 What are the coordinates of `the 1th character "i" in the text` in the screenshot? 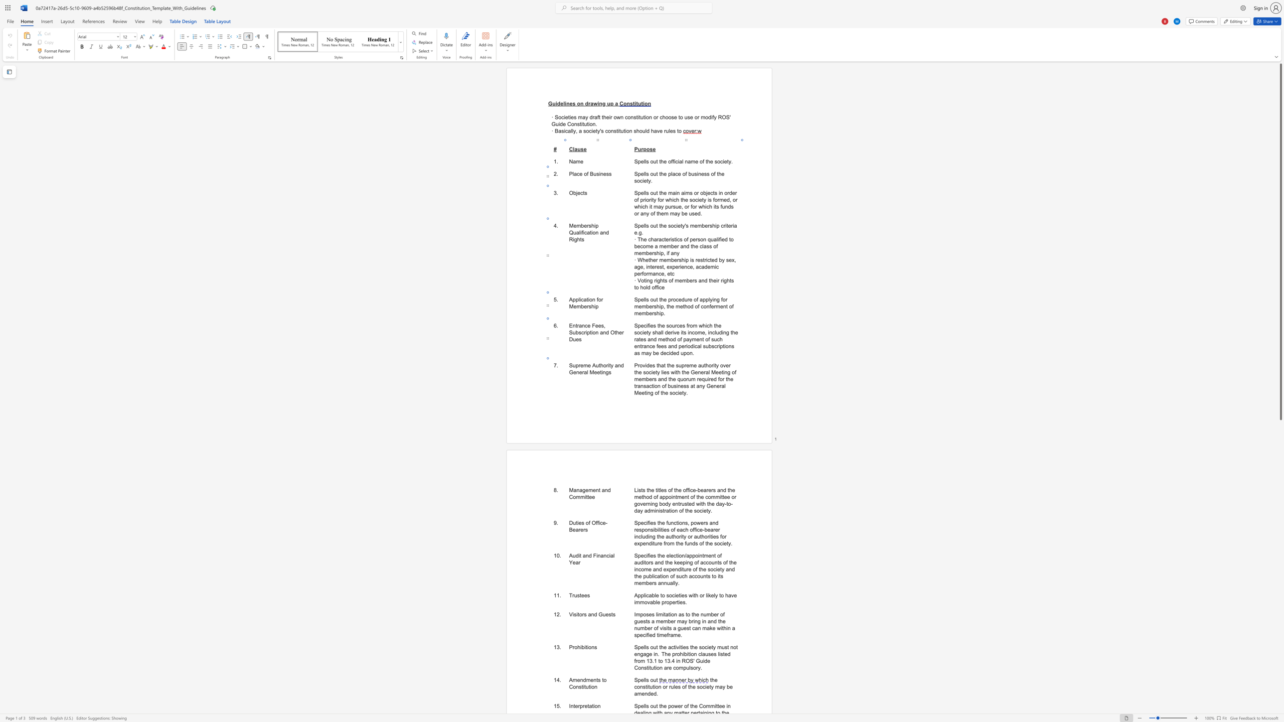 It's located at (585, 496).